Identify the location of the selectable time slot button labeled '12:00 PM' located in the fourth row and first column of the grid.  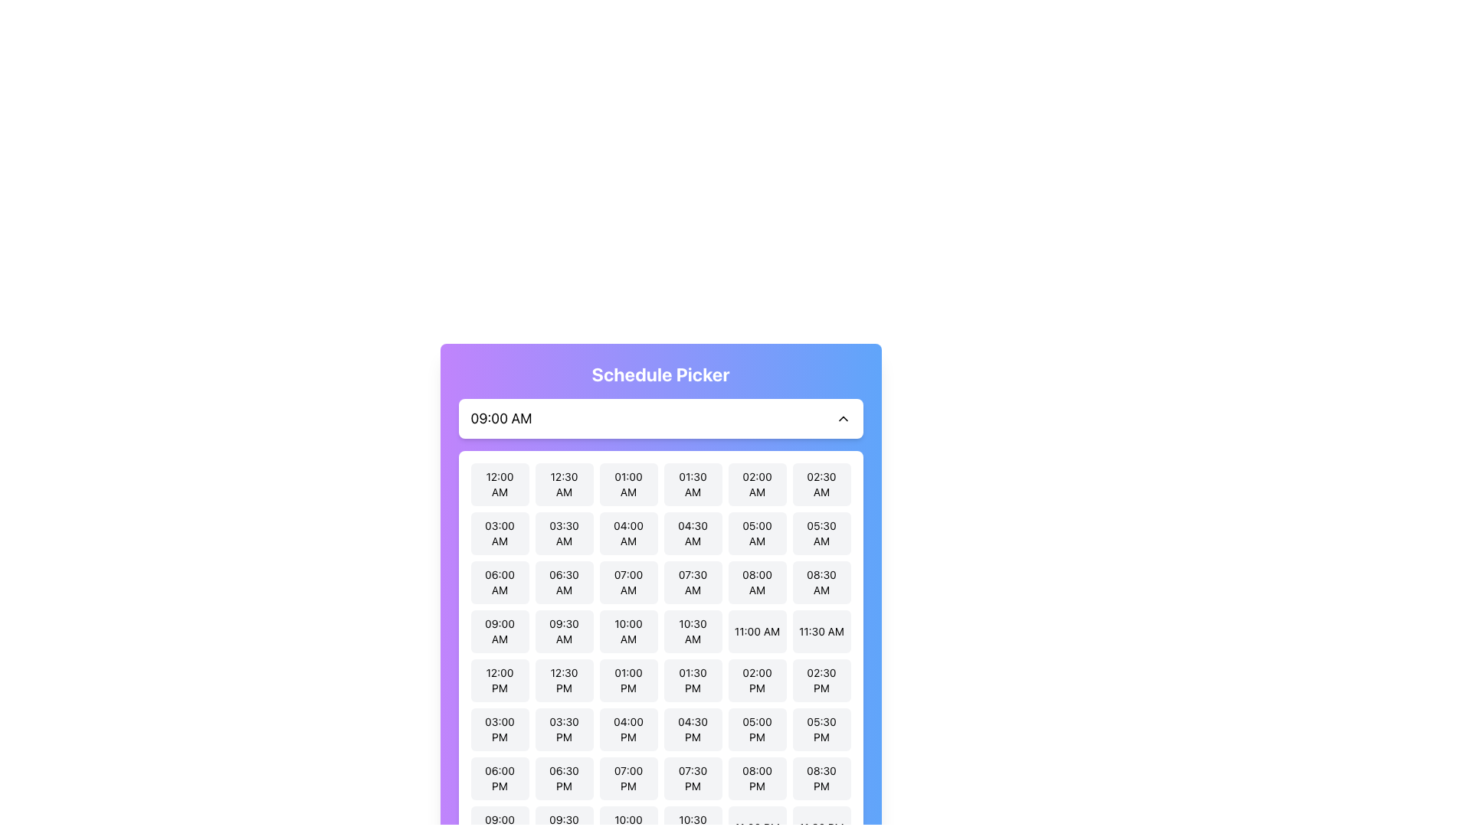
(500, 679).